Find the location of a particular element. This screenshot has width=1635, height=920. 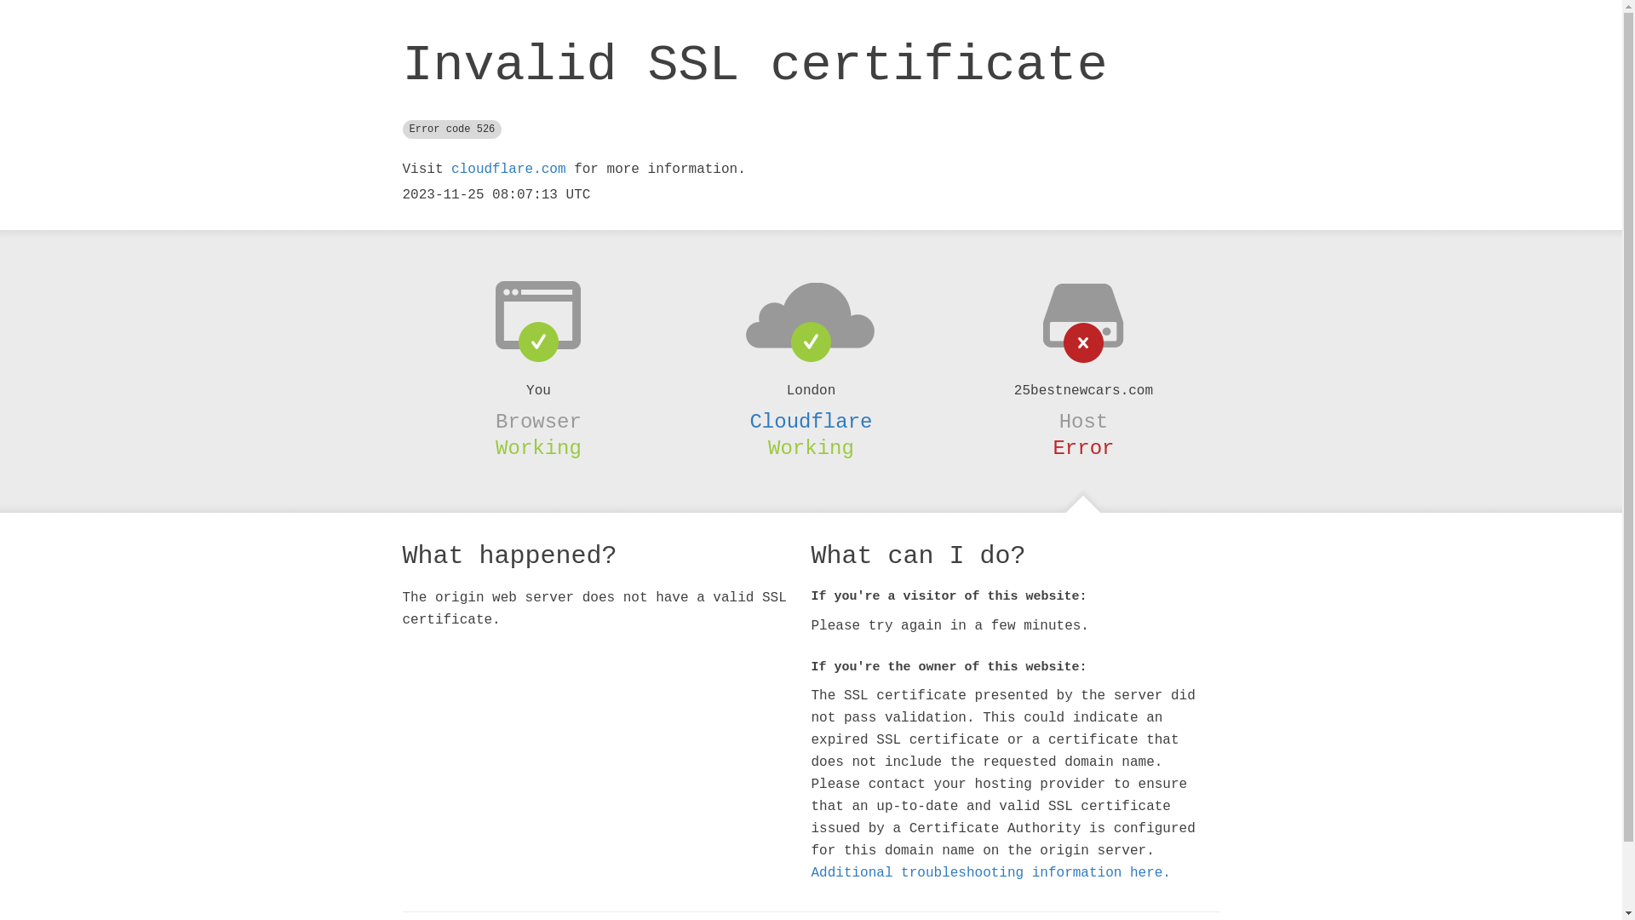

'cloudflare.com' is located at coordinates (507, 170).